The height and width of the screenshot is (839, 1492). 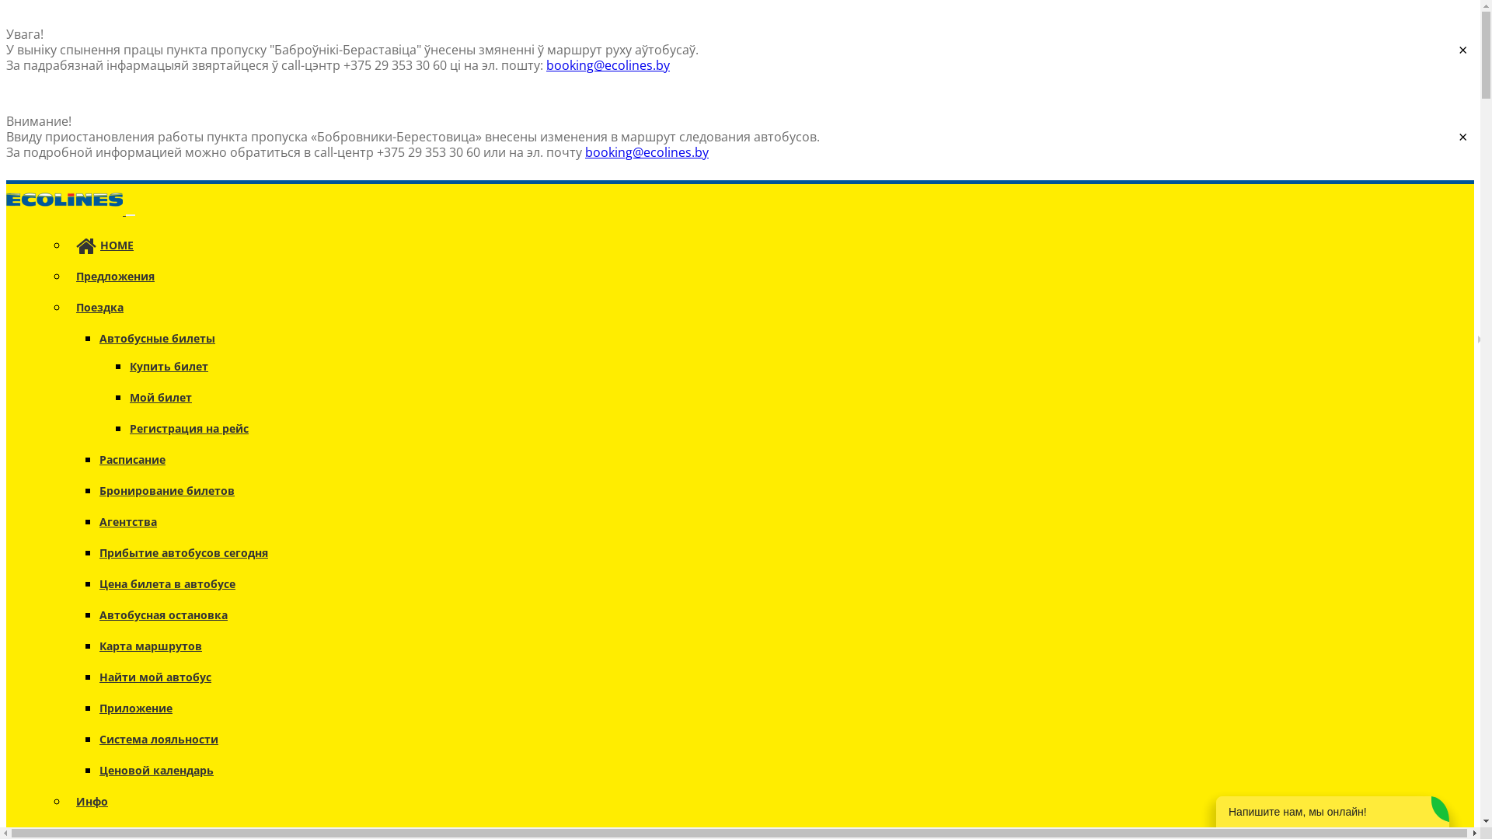 I want to click on 'booking@ecolines.by', so click(x=584, y=152).